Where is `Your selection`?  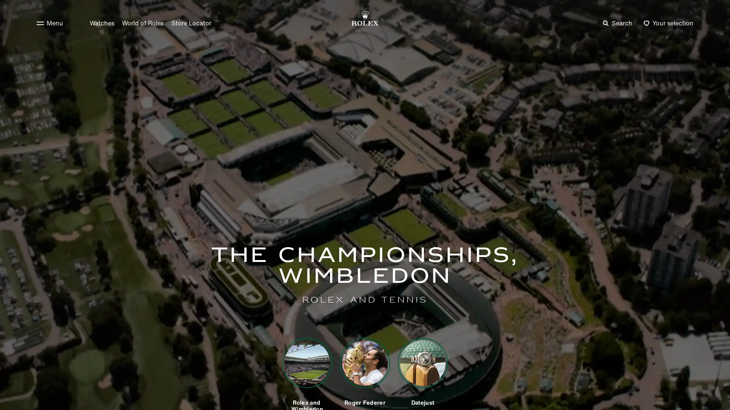
Your selection is located at coordinates (668, 22).